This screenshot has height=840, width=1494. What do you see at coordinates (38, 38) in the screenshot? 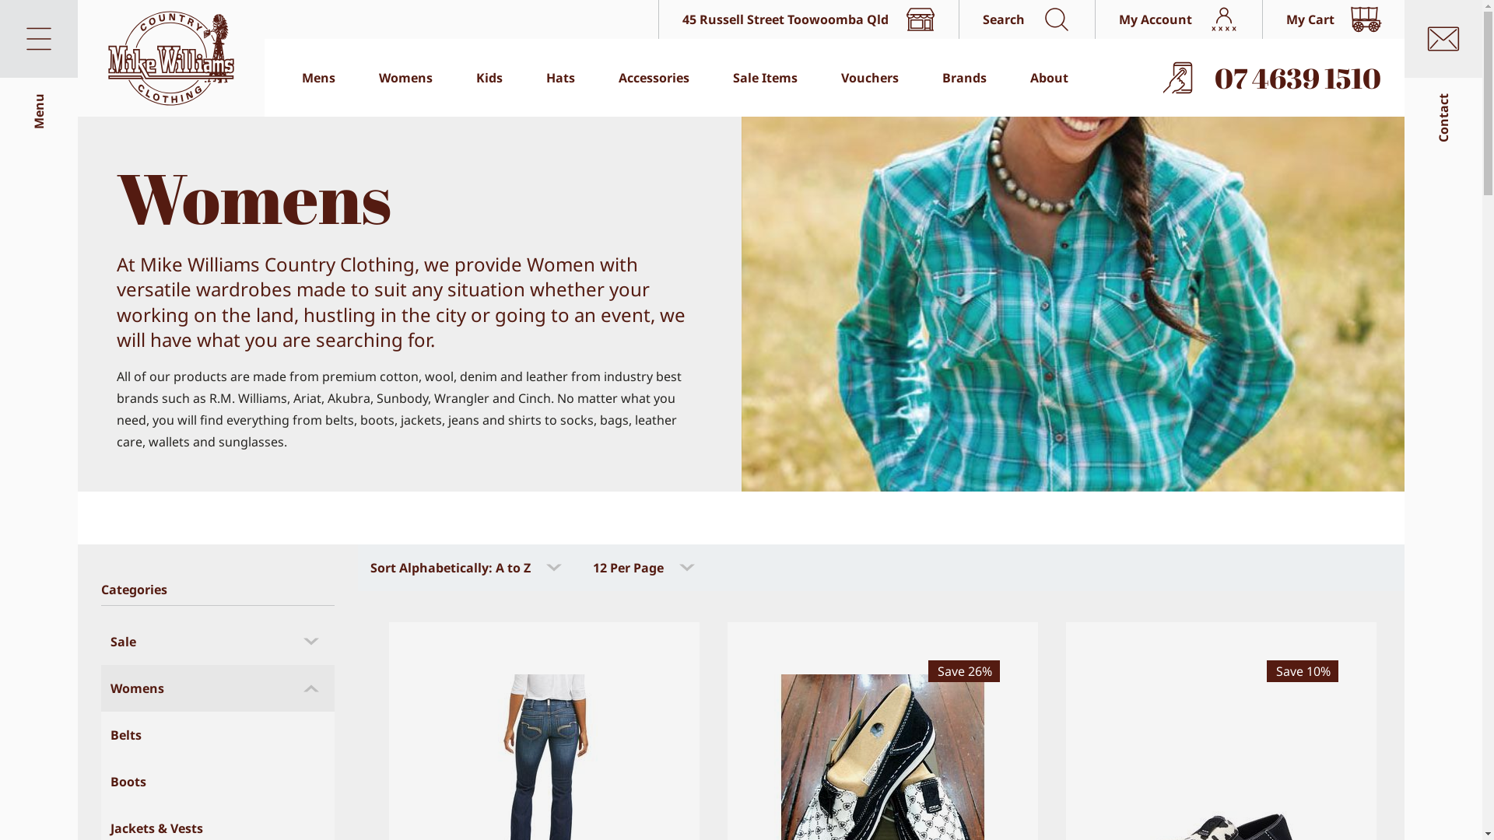
I see `'Menu'` at bounding box center [38, 38].